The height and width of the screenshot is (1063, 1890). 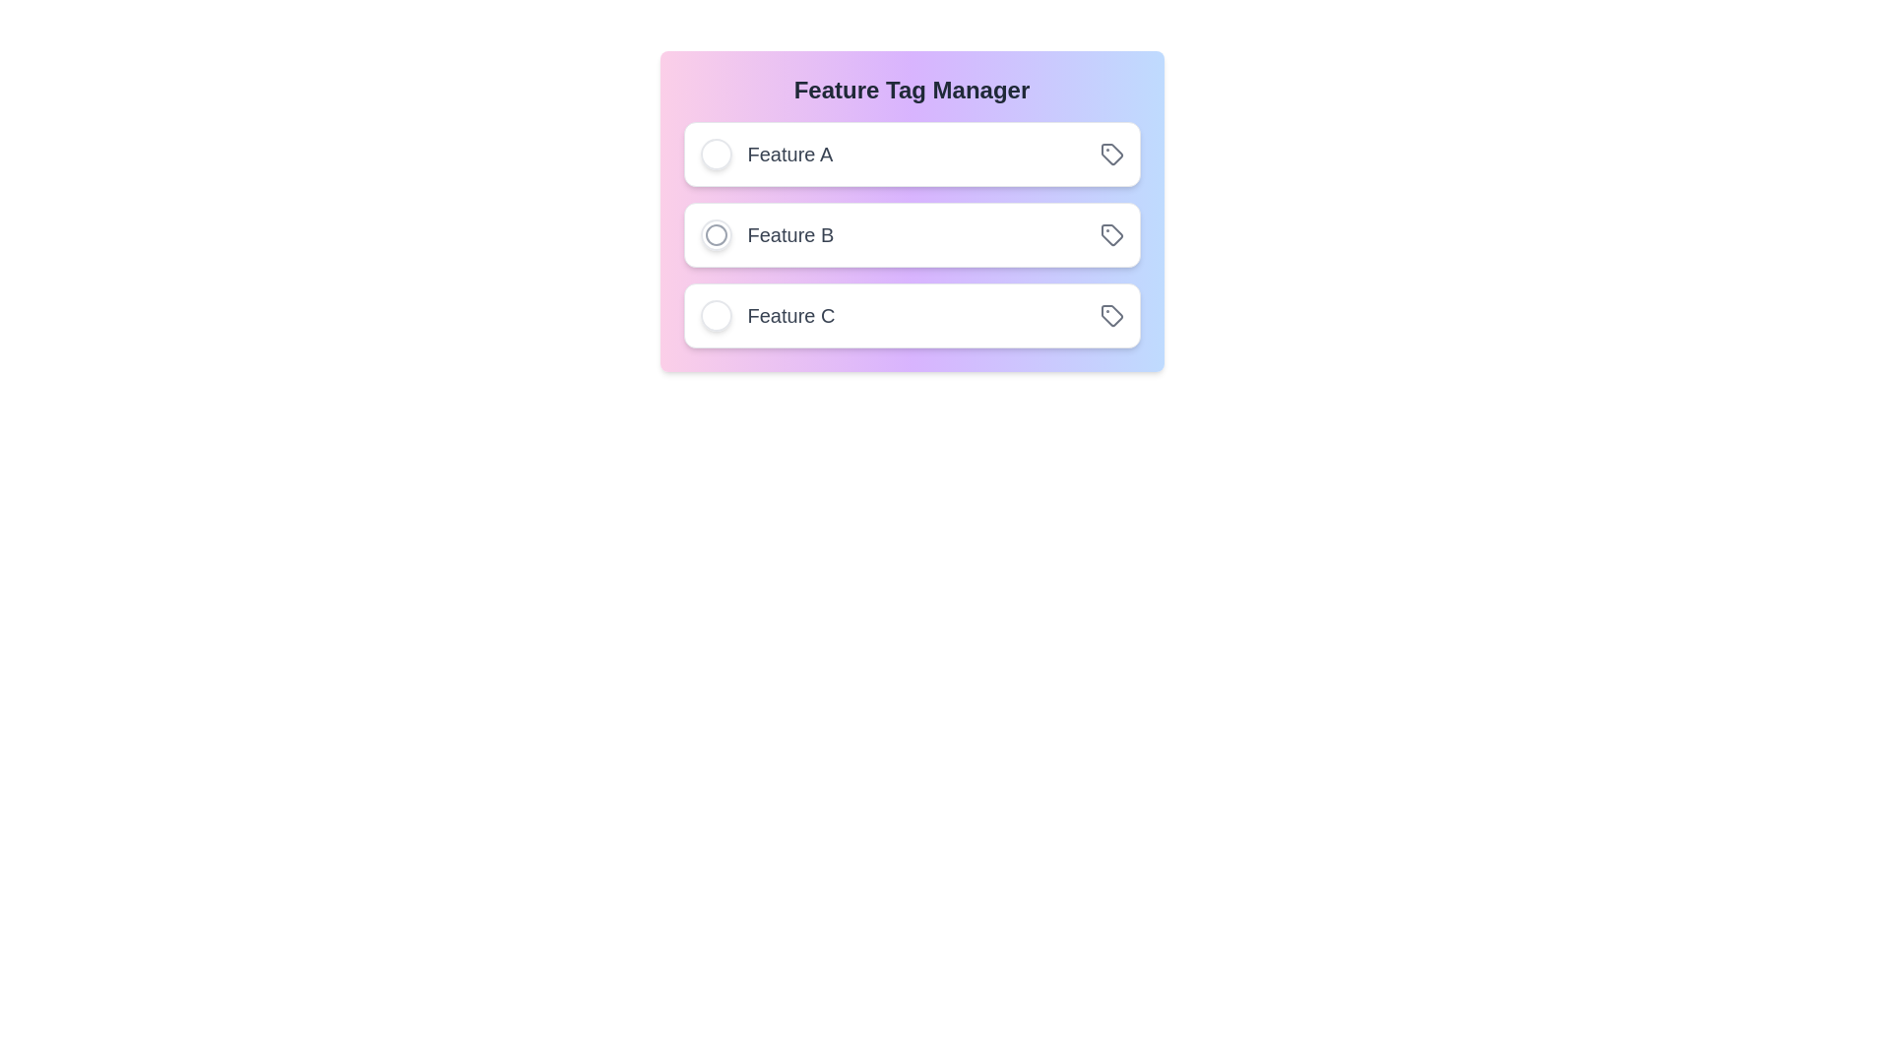 I want to click on the second circular selection indicator, which serves as a radio button for 'Feature B', so click(x=715, y=234).